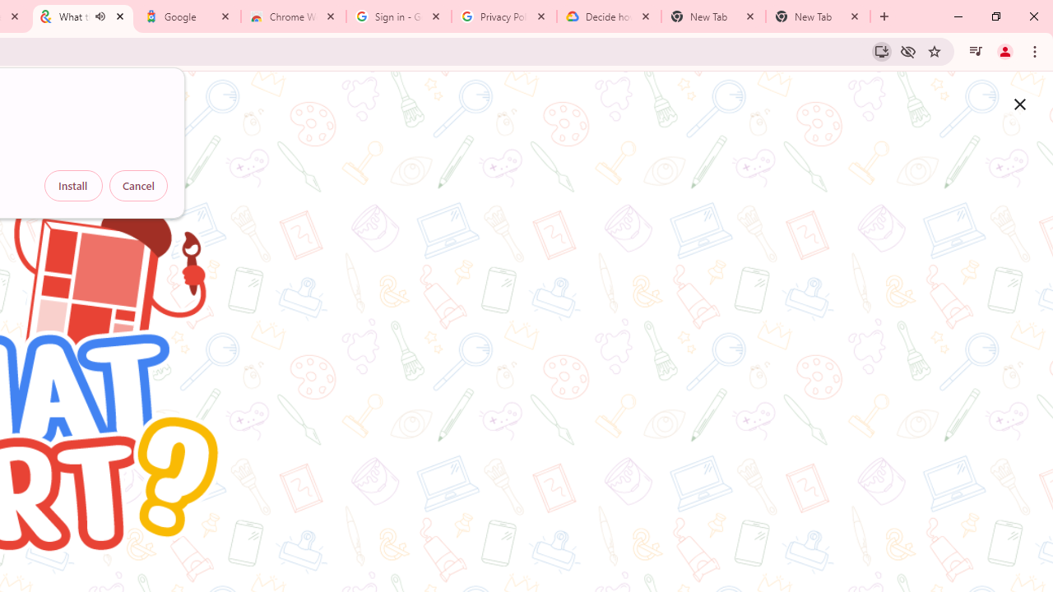 Image resolution: width=1053 pixels, height=592 pixels. I want to click on 'Third-party cookies blocked', so click(907, 50).